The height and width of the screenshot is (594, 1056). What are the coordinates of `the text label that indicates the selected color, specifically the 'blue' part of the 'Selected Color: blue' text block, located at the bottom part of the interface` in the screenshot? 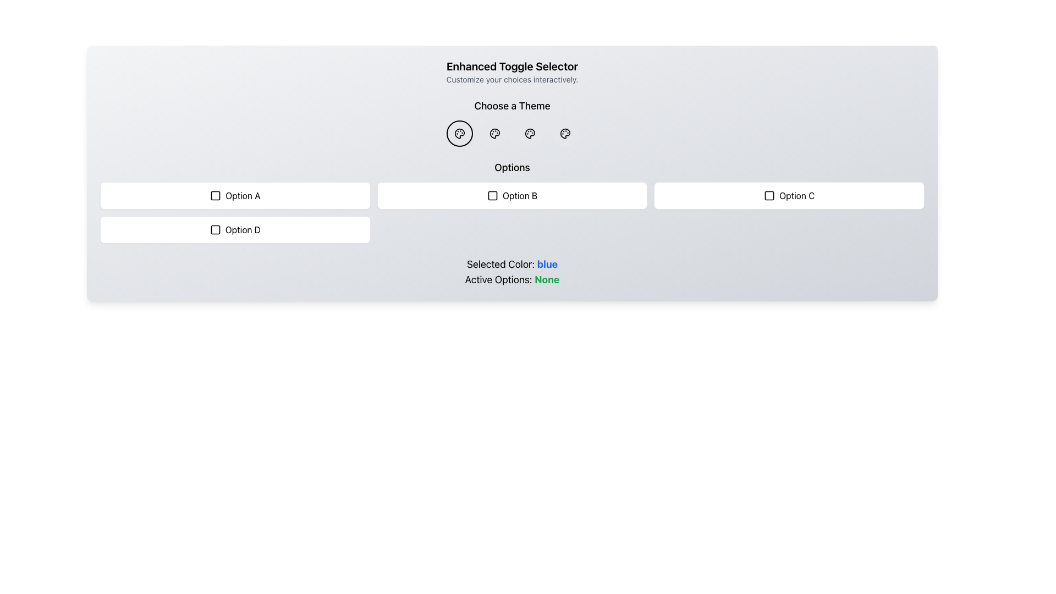 It's located at (547, 264).